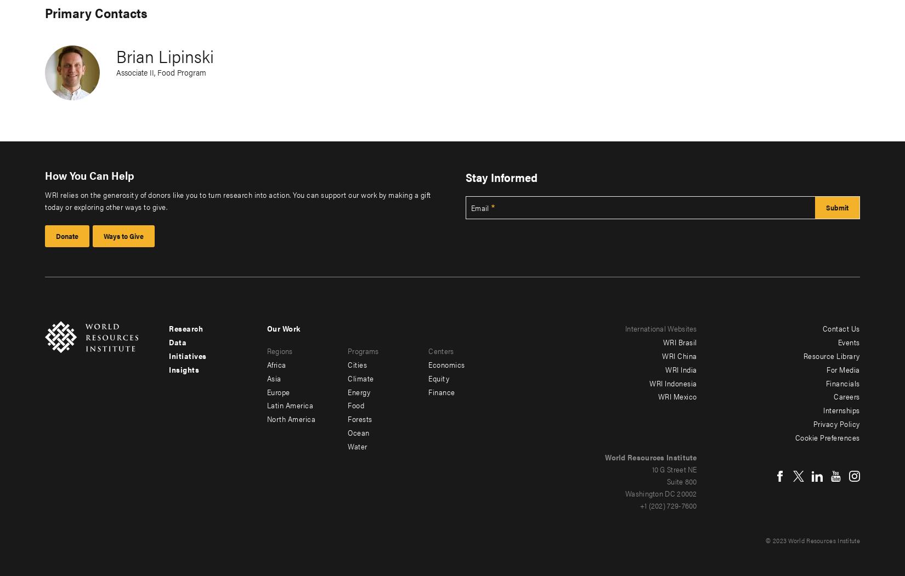  I want to click on 'Financials', so click(841, 381).